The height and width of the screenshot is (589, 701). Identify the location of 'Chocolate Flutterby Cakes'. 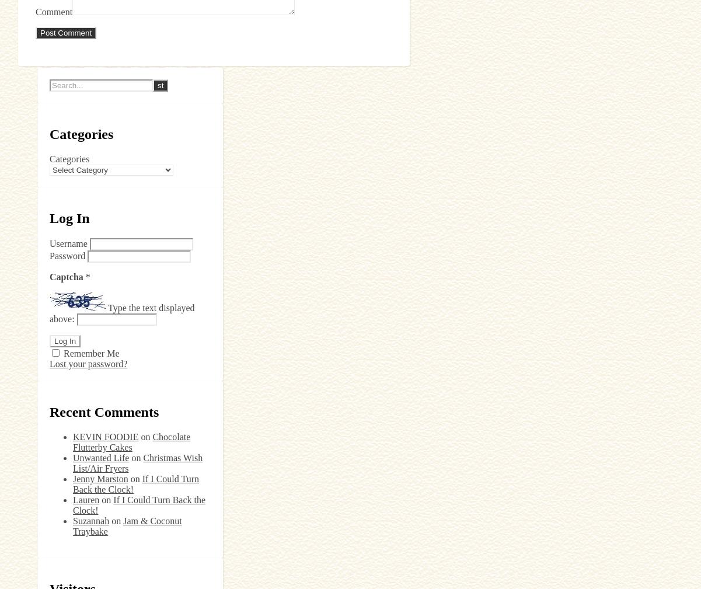
(131, 441).